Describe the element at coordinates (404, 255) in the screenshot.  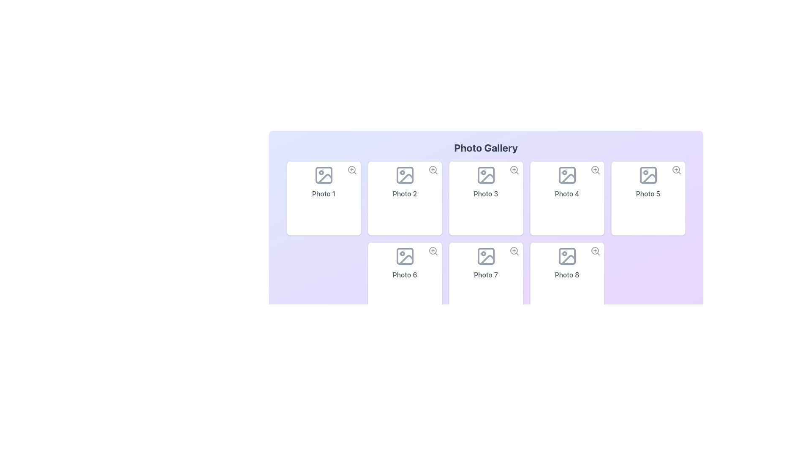
I see `the Image placeholder icon located` at that location.